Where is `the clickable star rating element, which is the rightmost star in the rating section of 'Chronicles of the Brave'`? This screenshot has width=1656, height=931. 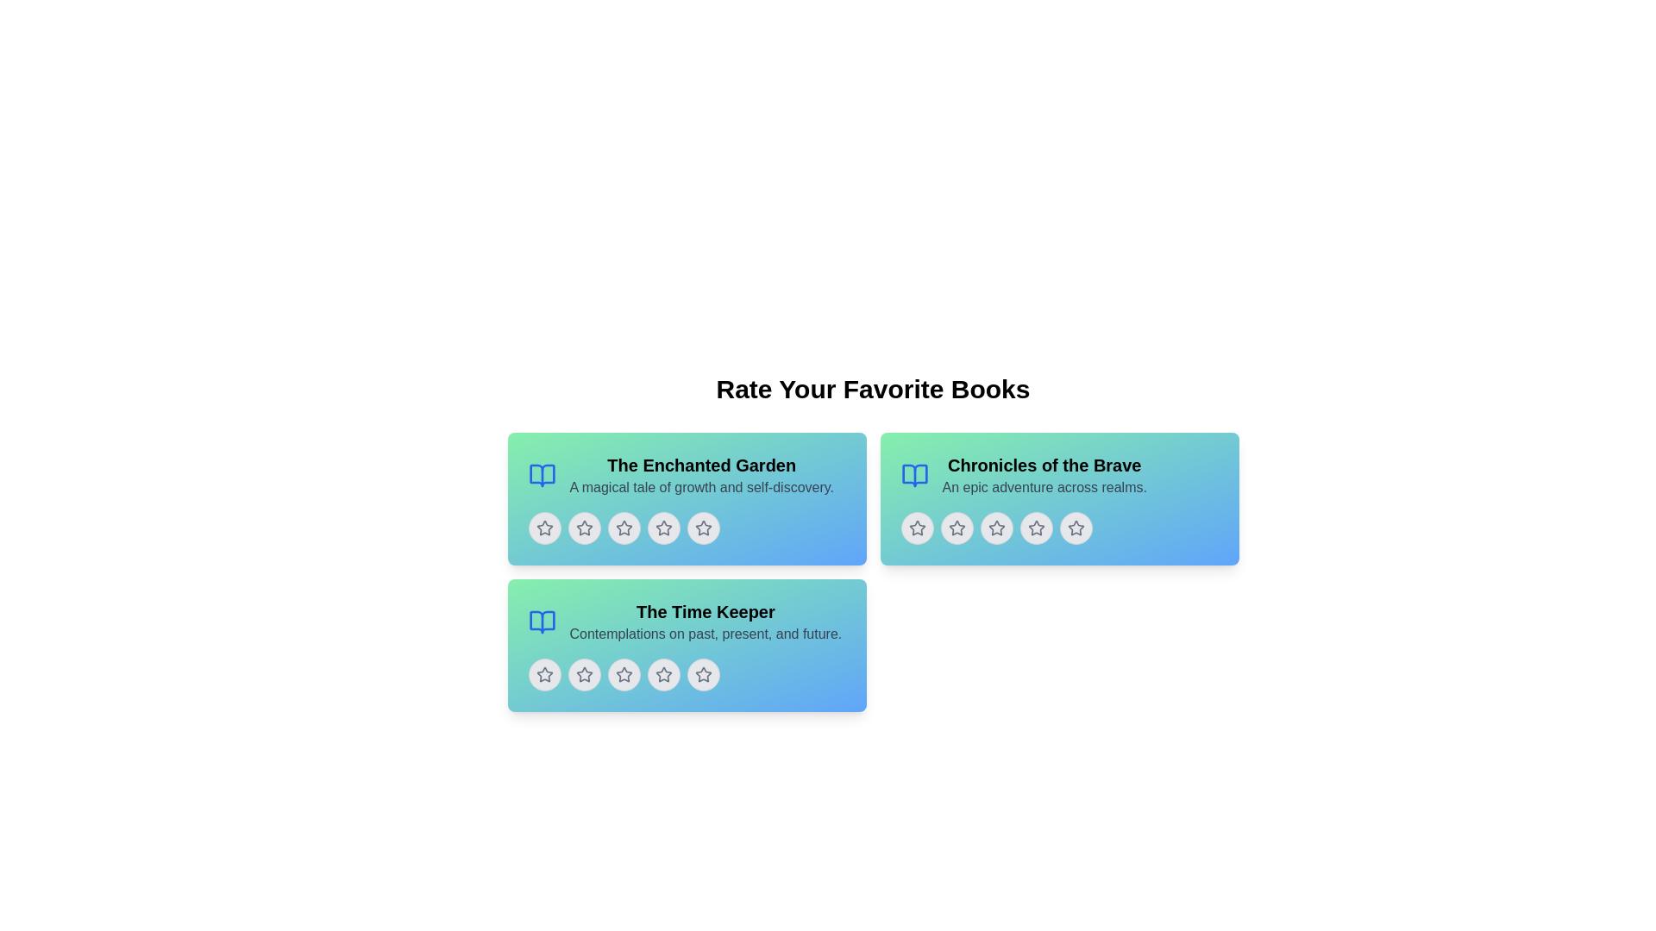 the clickable star rating element, which is the rightmost star in the rating section of 'Chronicles of the Brave' is located at coordinates (1075, 528).